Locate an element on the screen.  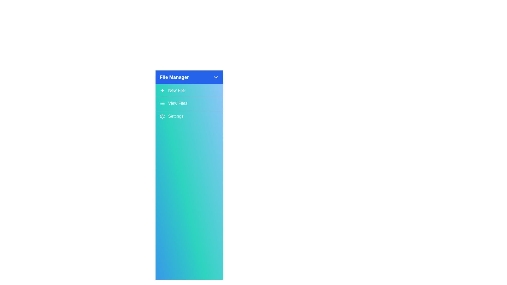
the 'Settings' button to open the settings menu is located at coordinates (189, 116).